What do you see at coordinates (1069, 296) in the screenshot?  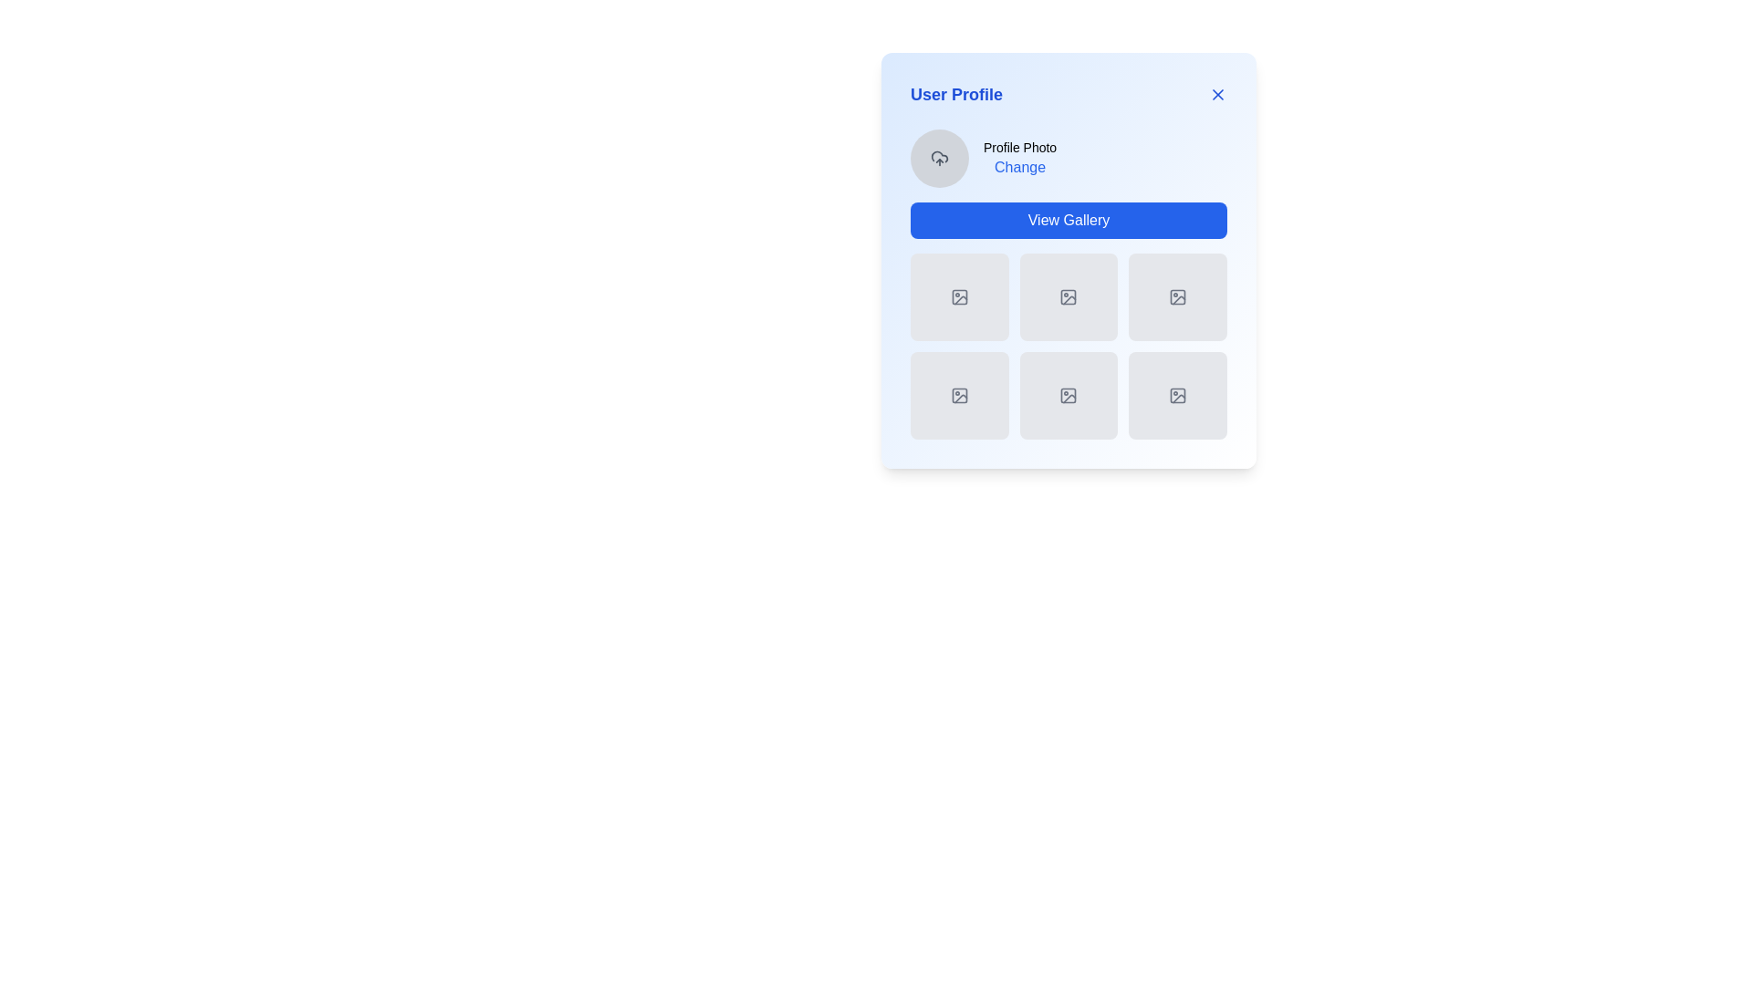 I see `the rectangle SVG graphical object representing the image placeholder located in the second square of the first row of a 3x2 grid within the dialog box` at bounding box center [1069, 296].